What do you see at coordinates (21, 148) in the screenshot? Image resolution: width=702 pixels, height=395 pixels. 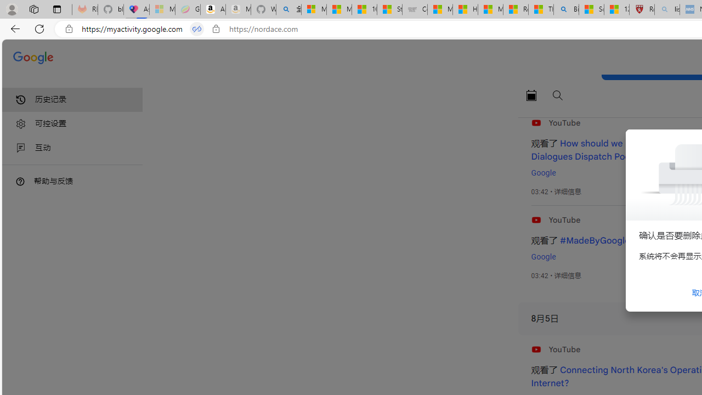 I see `'Class: i2GIId'` at bounding box center [21, 148].